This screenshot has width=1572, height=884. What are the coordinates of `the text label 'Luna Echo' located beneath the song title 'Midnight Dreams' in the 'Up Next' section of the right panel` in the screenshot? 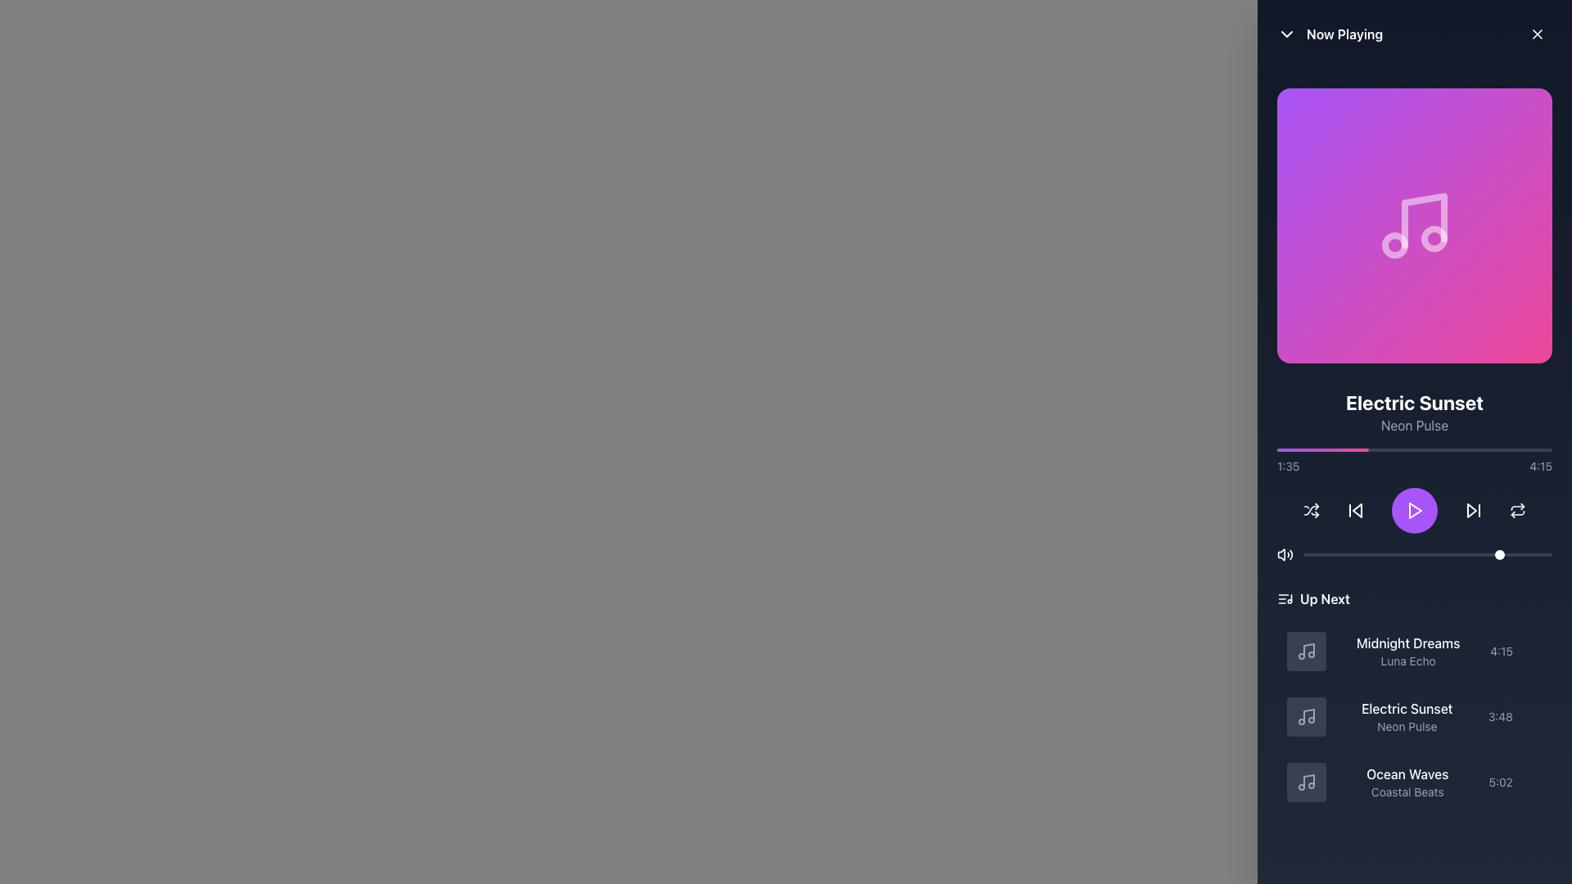 It's located at (1407, 660).